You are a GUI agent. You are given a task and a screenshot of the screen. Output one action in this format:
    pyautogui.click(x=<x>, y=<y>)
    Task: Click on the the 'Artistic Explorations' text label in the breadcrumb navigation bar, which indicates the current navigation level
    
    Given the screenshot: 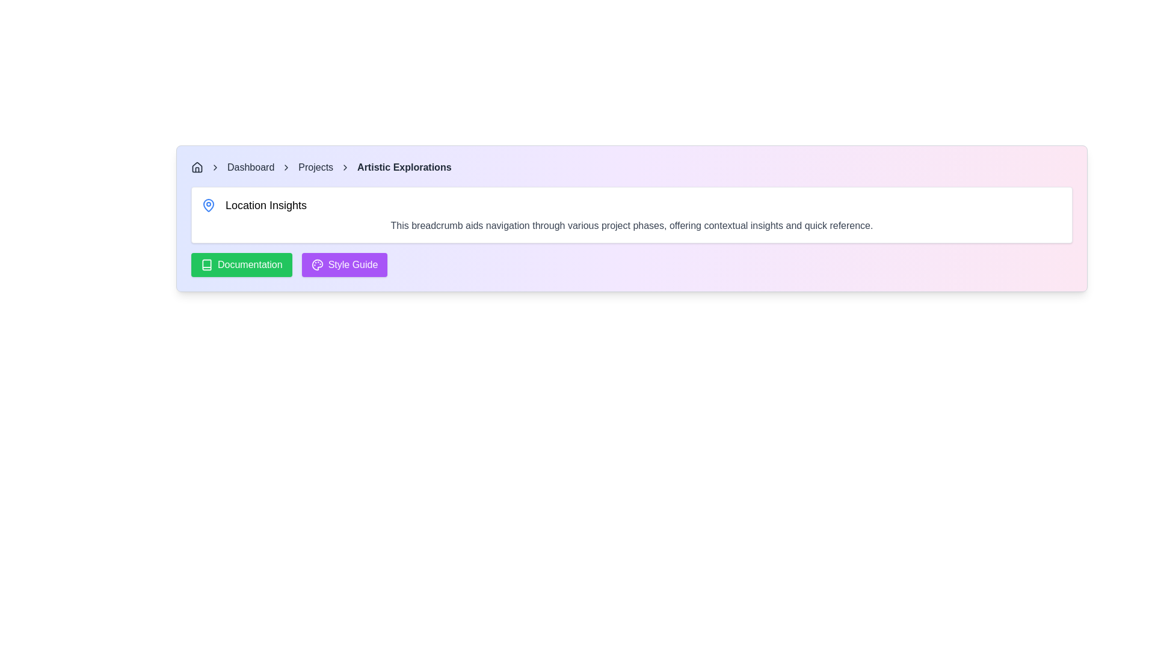 What is the action you would take?
    pyautogui.click(x=404, y=167)
    